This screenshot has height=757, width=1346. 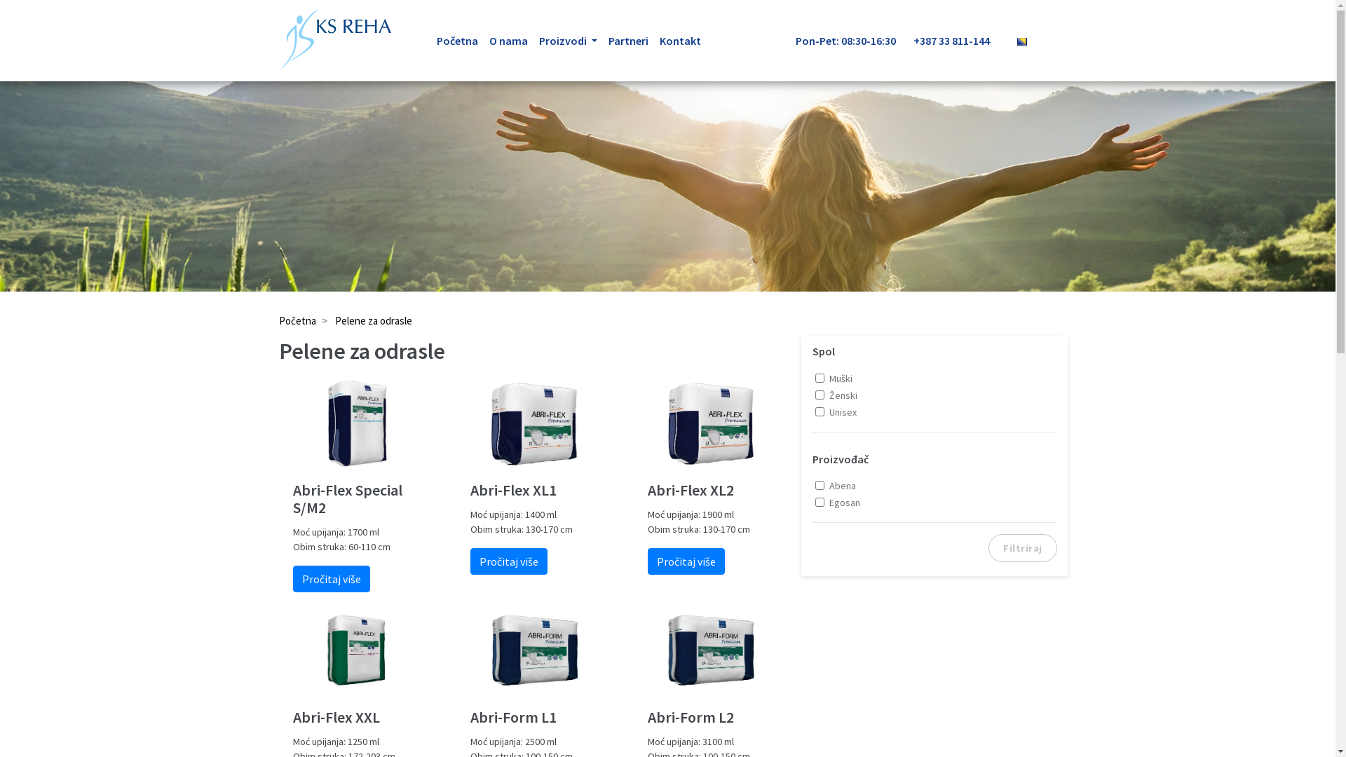 I want to click on 'Partneri', so click(x=627, y=39).